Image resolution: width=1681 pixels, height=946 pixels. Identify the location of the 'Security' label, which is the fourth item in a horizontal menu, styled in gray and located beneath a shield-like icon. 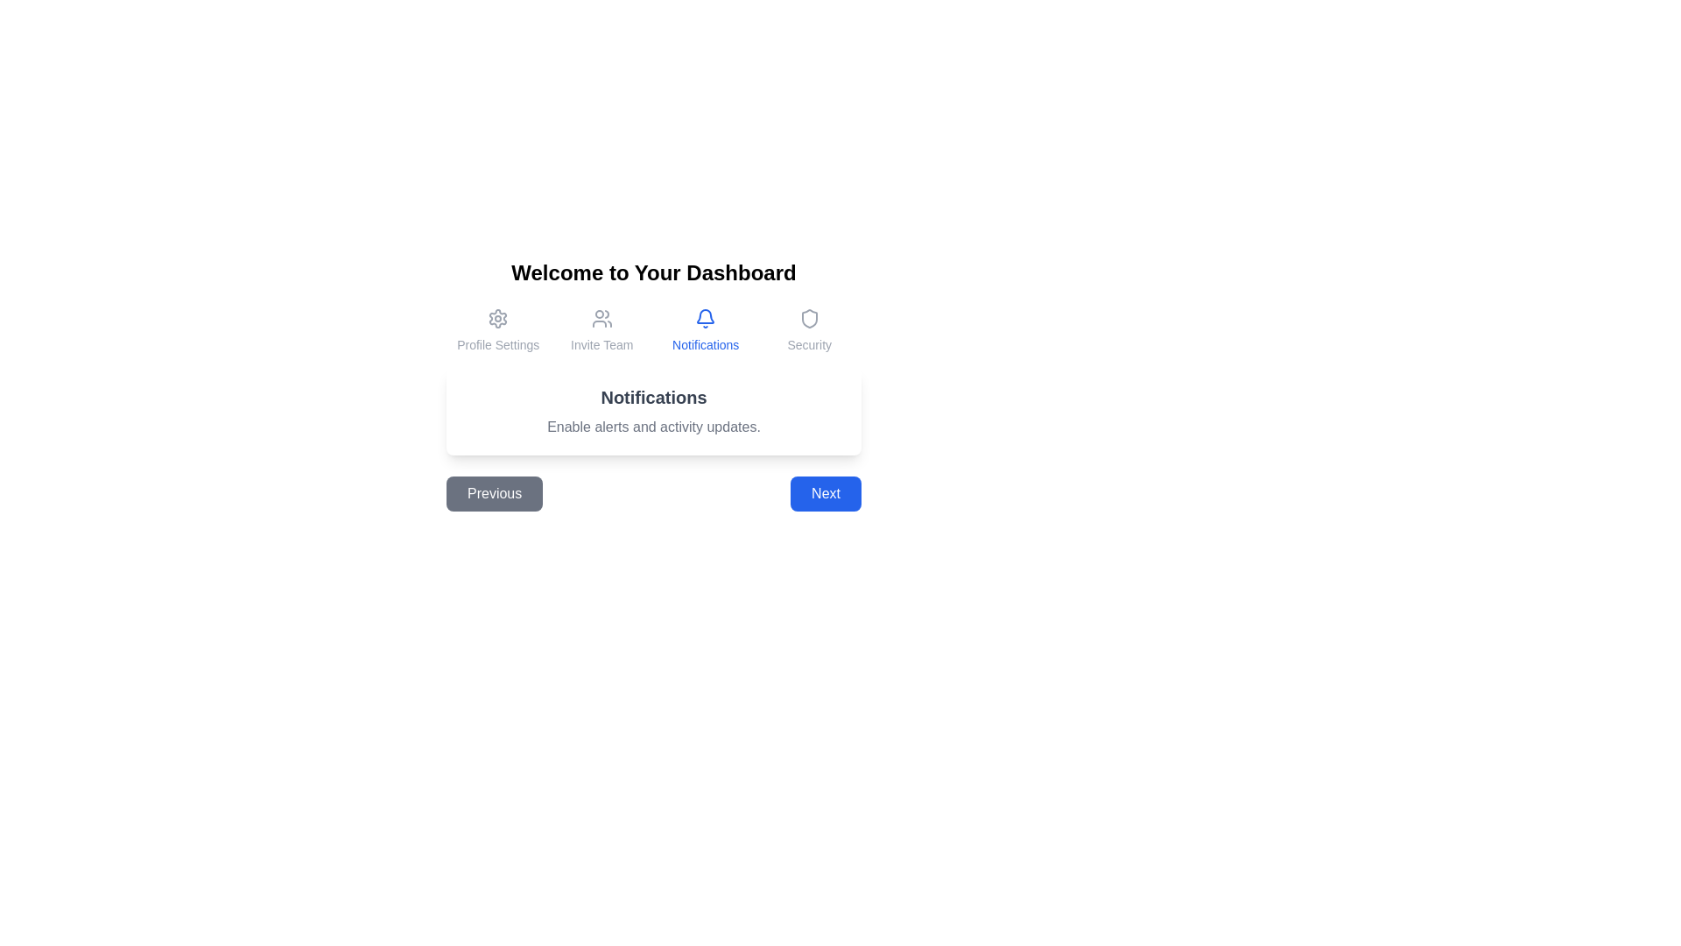
(808, 344).